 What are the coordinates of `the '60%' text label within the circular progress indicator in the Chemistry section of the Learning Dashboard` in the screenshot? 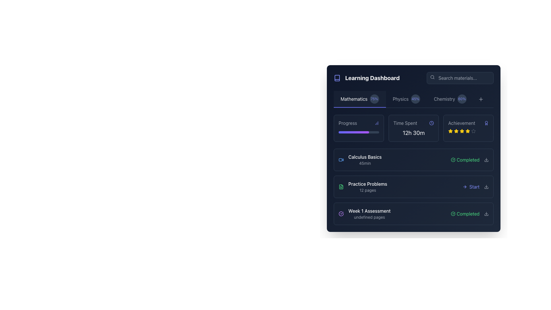 It's located at (462, 98).